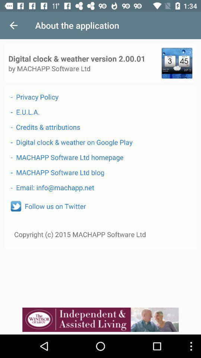  I want to click on advertisement display, so click(100, 319).